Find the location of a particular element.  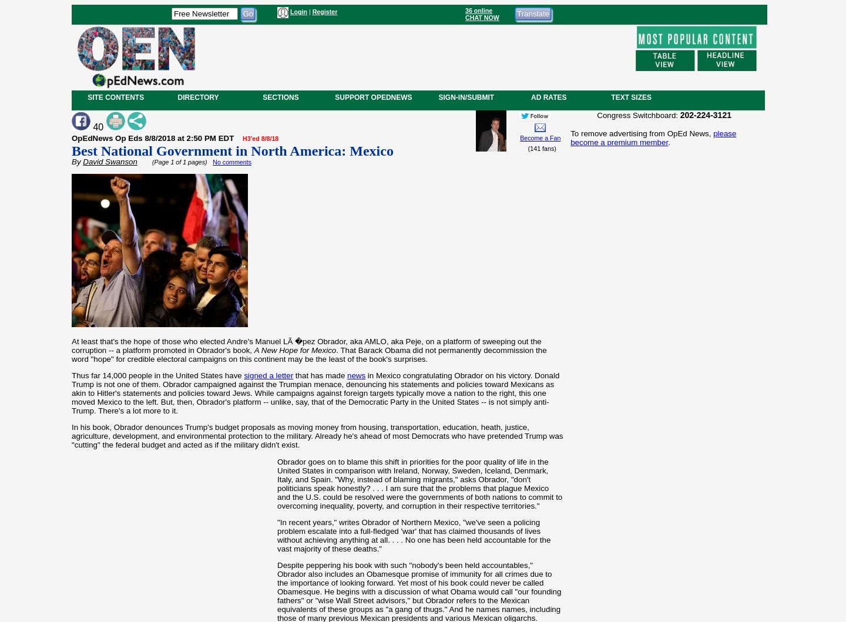

'OpEdNews Op Eds' is located at coordinates (108, 137).